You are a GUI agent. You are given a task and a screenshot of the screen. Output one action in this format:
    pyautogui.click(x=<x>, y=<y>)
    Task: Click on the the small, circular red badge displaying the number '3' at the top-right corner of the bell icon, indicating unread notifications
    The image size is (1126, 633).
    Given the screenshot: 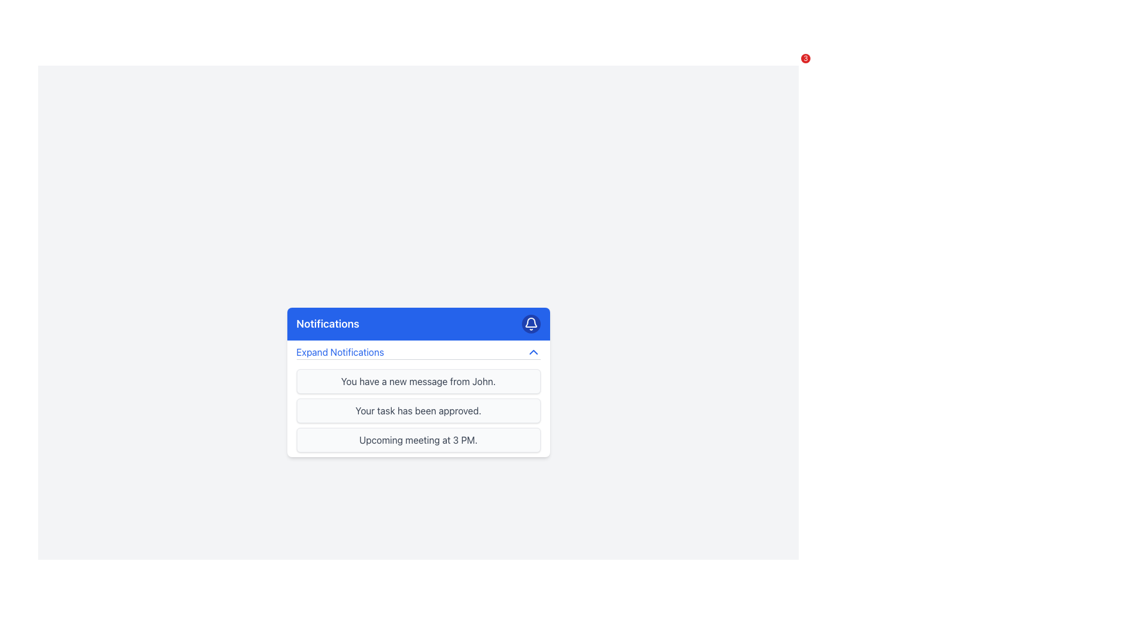 What is the action you would take?
    pyautogui.click(x=805, y=59)
    